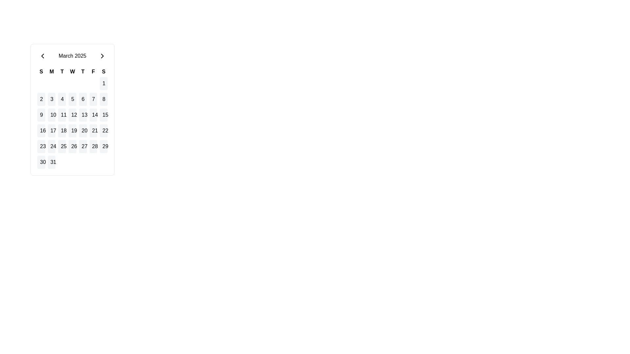 The height and width of the screenshot is (354, 630). I want to click on the interactive calendar day cell representing the date '16', so click(41, 130).